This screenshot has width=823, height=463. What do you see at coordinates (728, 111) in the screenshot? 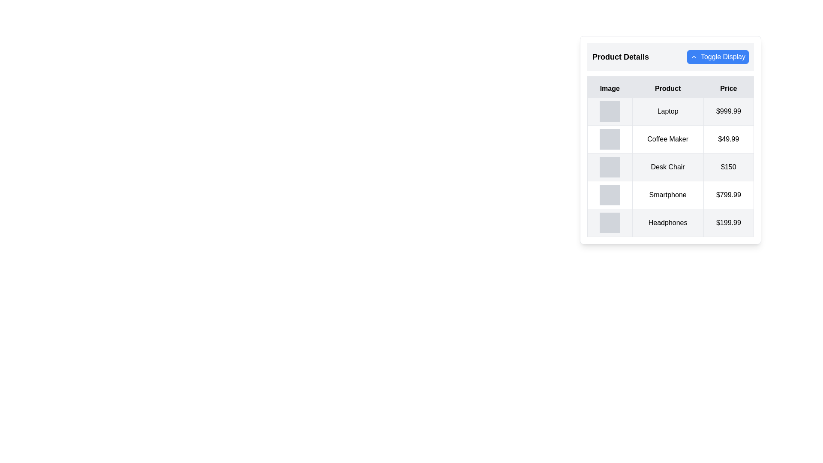
I see `the static text element displaying the price '$999.99' in the first row and third column of the table` at bounding box center [728, 111].